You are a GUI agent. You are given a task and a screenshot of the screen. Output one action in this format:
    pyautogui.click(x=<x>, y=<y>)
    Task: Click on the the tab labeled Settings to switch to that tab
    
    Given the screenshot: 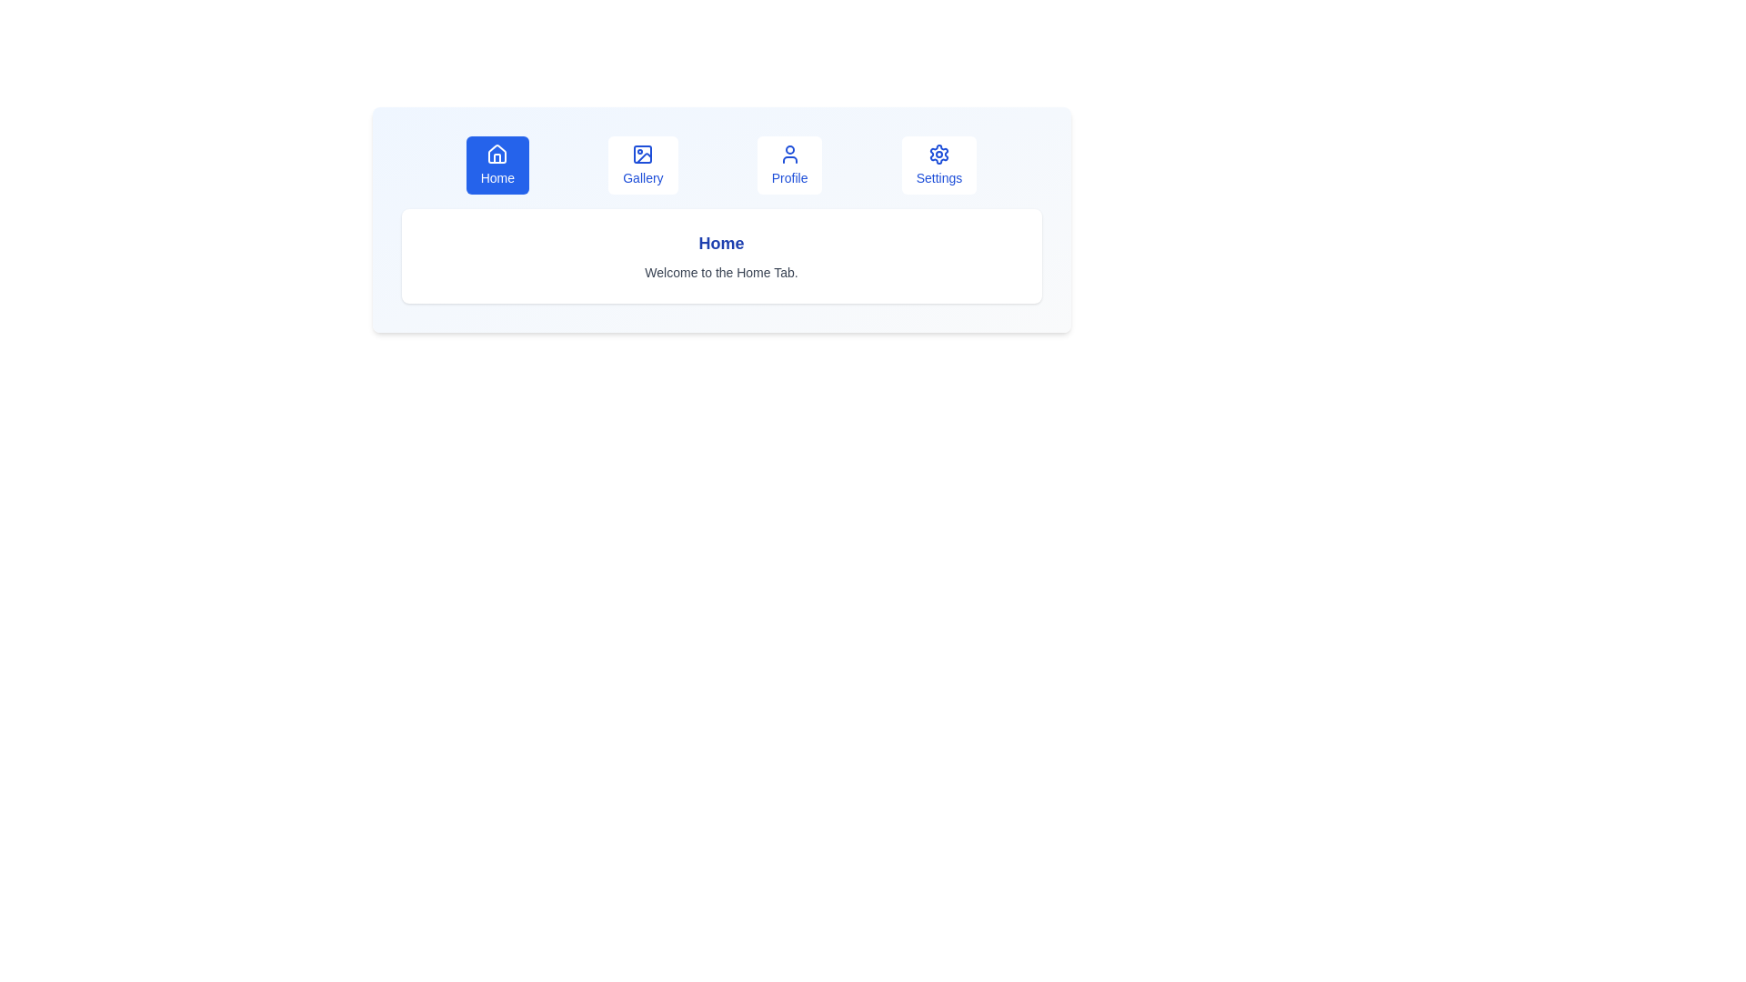 What is the action you would take?
    pyautogui.click(x=938, y=165)
    